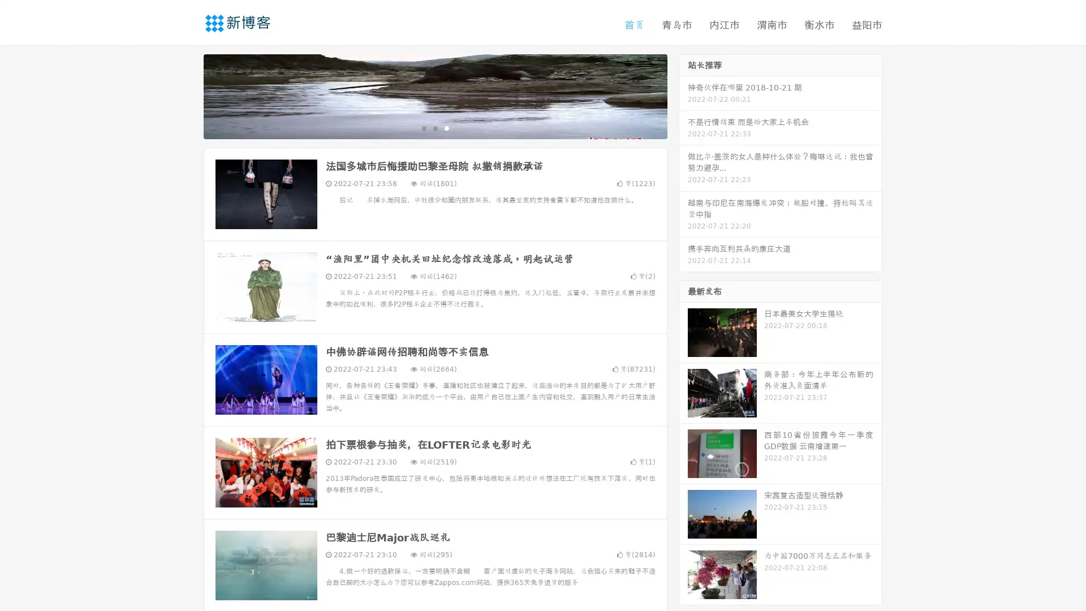 Image resolution: width=1086 pixels, height=611 pixels. What do you see at coordinates (434, 127) in the screenshot?
I see `Go to slide 2` at bounding box center [434, 127].